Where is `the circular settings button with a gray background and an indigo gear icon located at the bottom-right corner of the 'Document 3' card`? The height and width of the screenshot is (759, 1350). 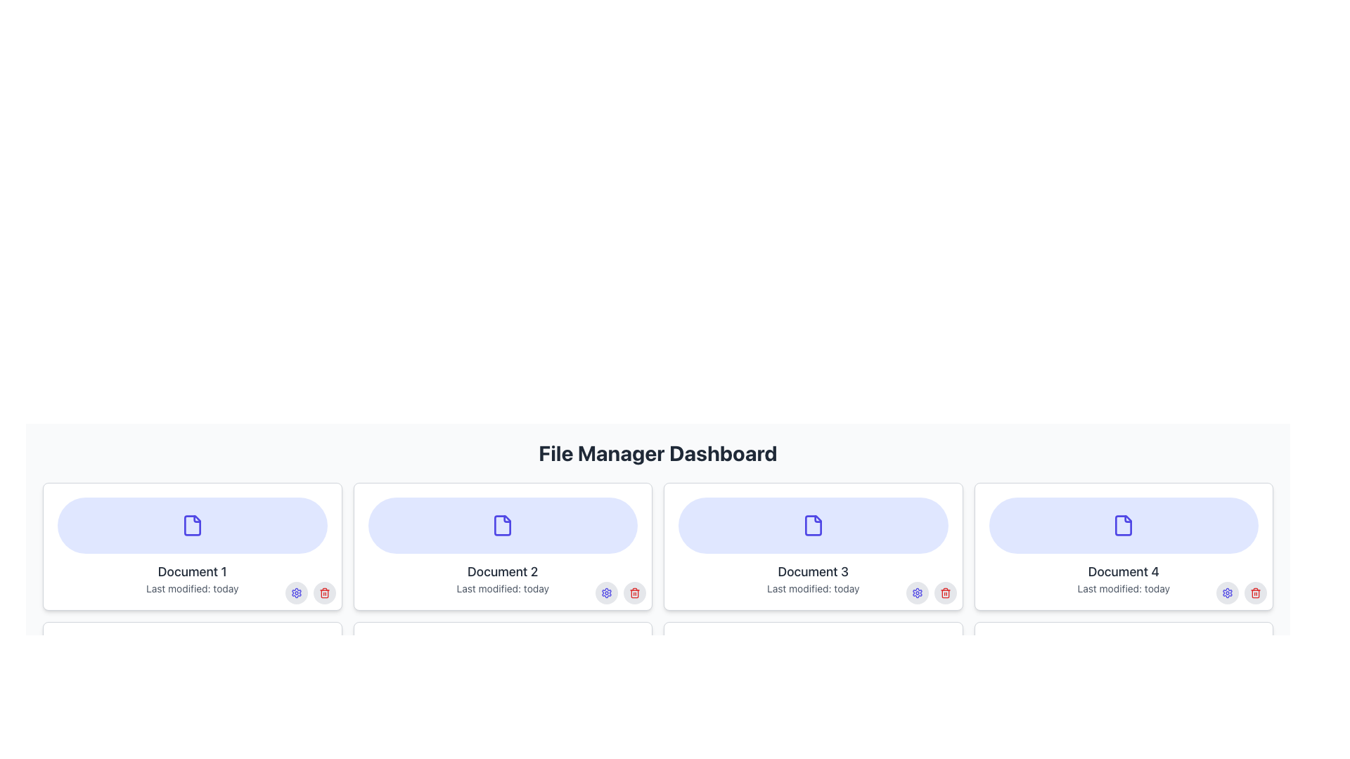 the circular settings button with a gray background and an indigo gear icon located at the bottom-right corner of the 'Document 3' card is located at coordinates (917, 593).